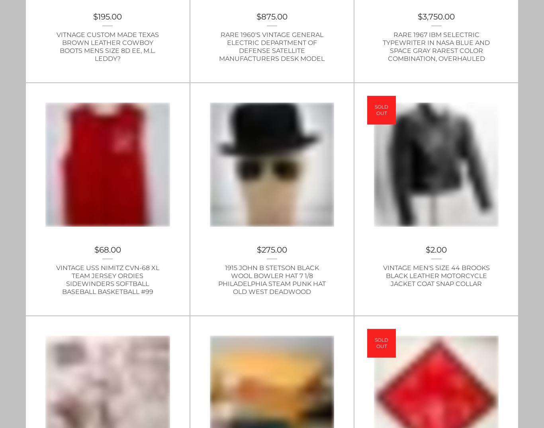 The width and height of the screenshot is (544, 428). What do you see at coordinates (274, 16) in the screenshot?
I see `'875.00'` at bounding box center [274, 16].